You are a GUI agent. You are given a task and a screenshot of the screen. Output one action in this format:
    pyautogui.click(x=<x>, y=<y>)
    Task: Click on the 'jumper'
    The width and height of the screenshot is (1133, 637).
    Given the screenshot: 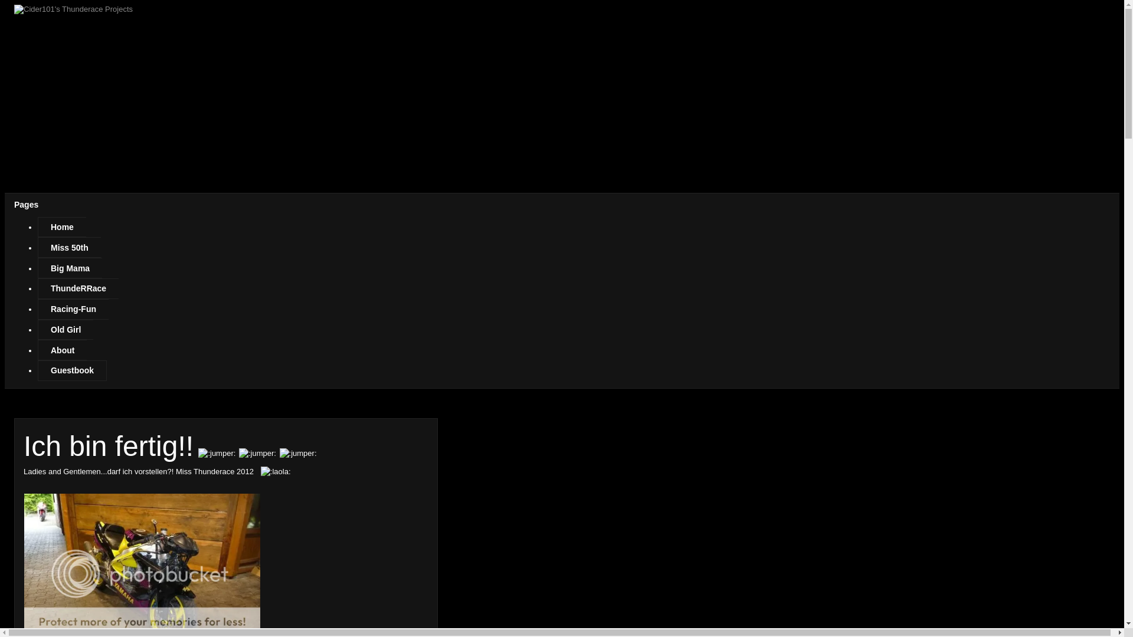 What is the action you would take?
    pyautogui.click(x=217, y=452)
    